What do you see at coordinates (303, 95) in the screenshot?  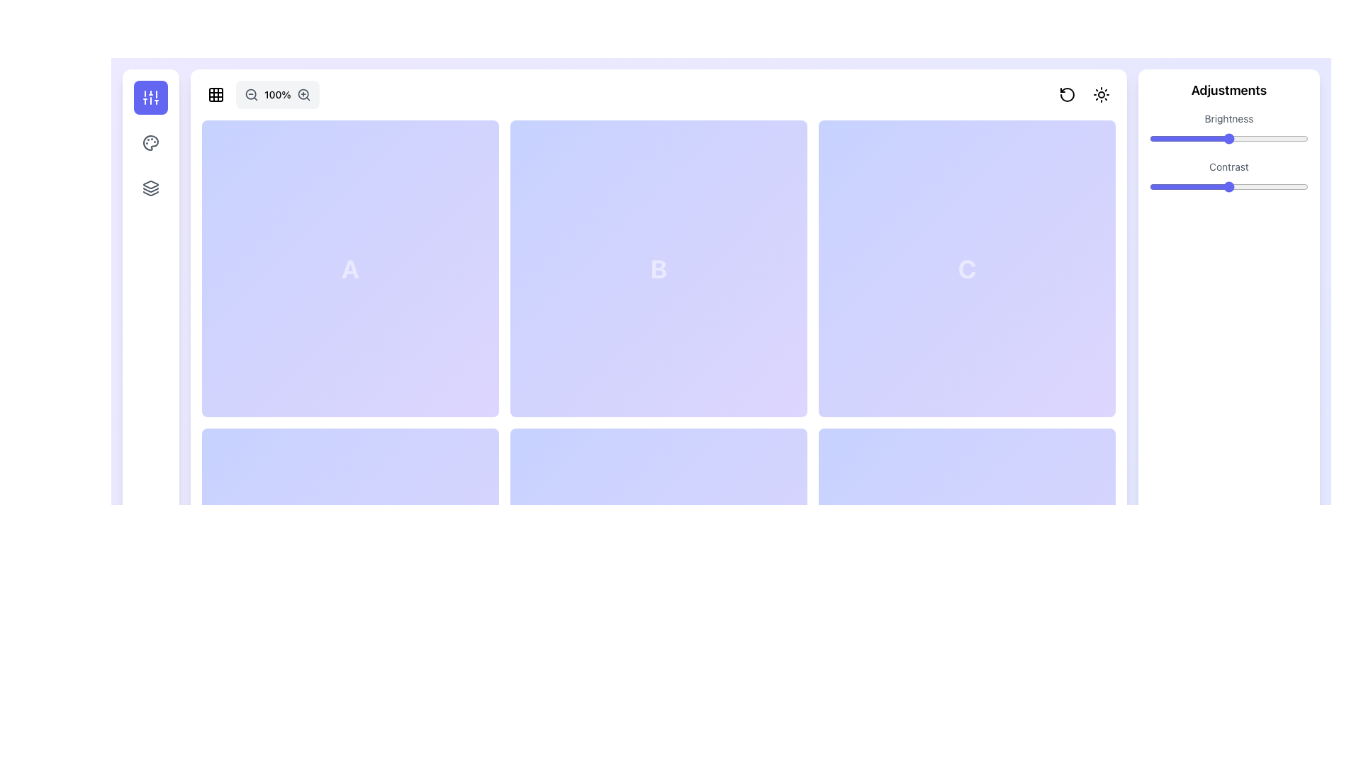 I see `the zoom-in icon located at the end of the horizontal toolbar next to the '100%' text to increase the zoom level` at bounding box center [303, 95].